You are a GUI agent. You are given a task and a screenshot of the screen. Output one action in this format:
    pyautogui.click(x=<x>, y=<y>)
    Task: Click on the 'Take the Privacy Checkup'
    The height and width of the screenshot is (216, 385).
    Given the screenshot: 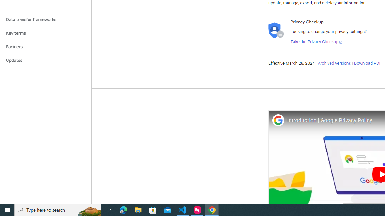 What is the action you would take?
    pyautogui.click(x=316, y=42)
    